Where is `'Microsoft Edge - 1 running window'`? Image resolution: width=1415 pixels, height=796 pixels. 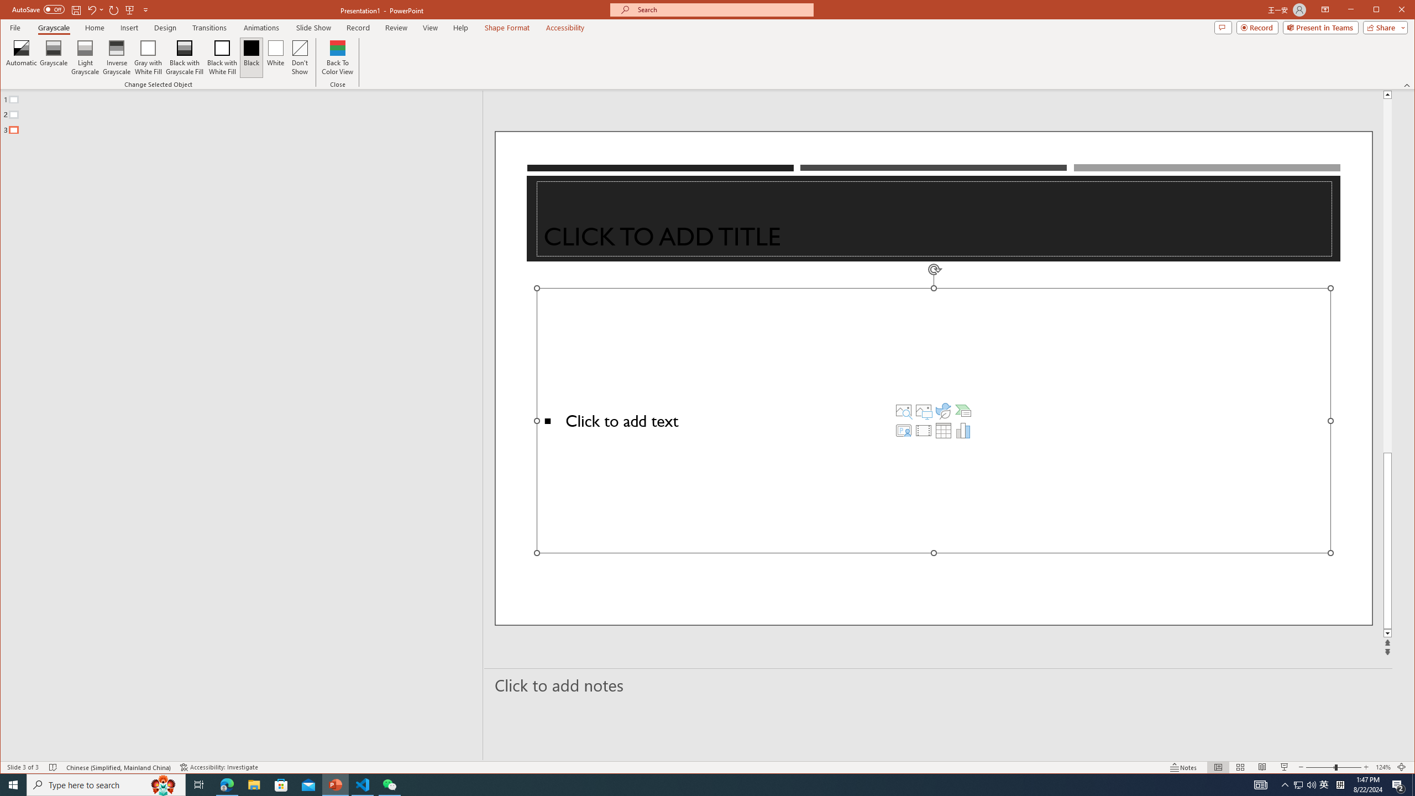
'Microsoft Edge - 1 running window' is located at coordinates (226, 784).